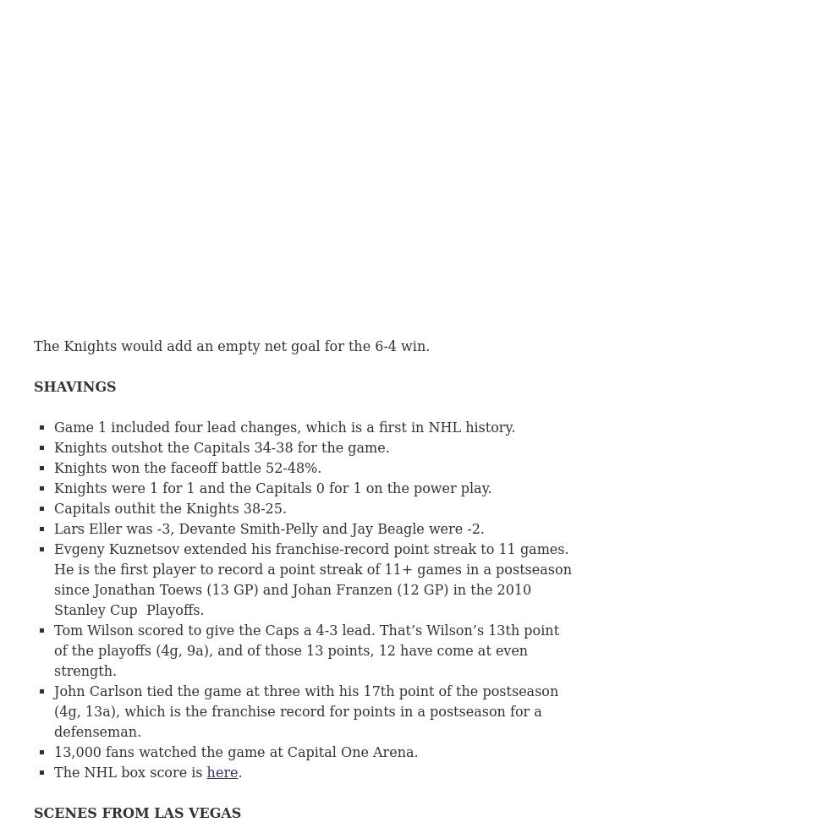 The image size is (829, 839). I want to click on 'Capitals outhit the Knights 38-25.', so click(169, 507).